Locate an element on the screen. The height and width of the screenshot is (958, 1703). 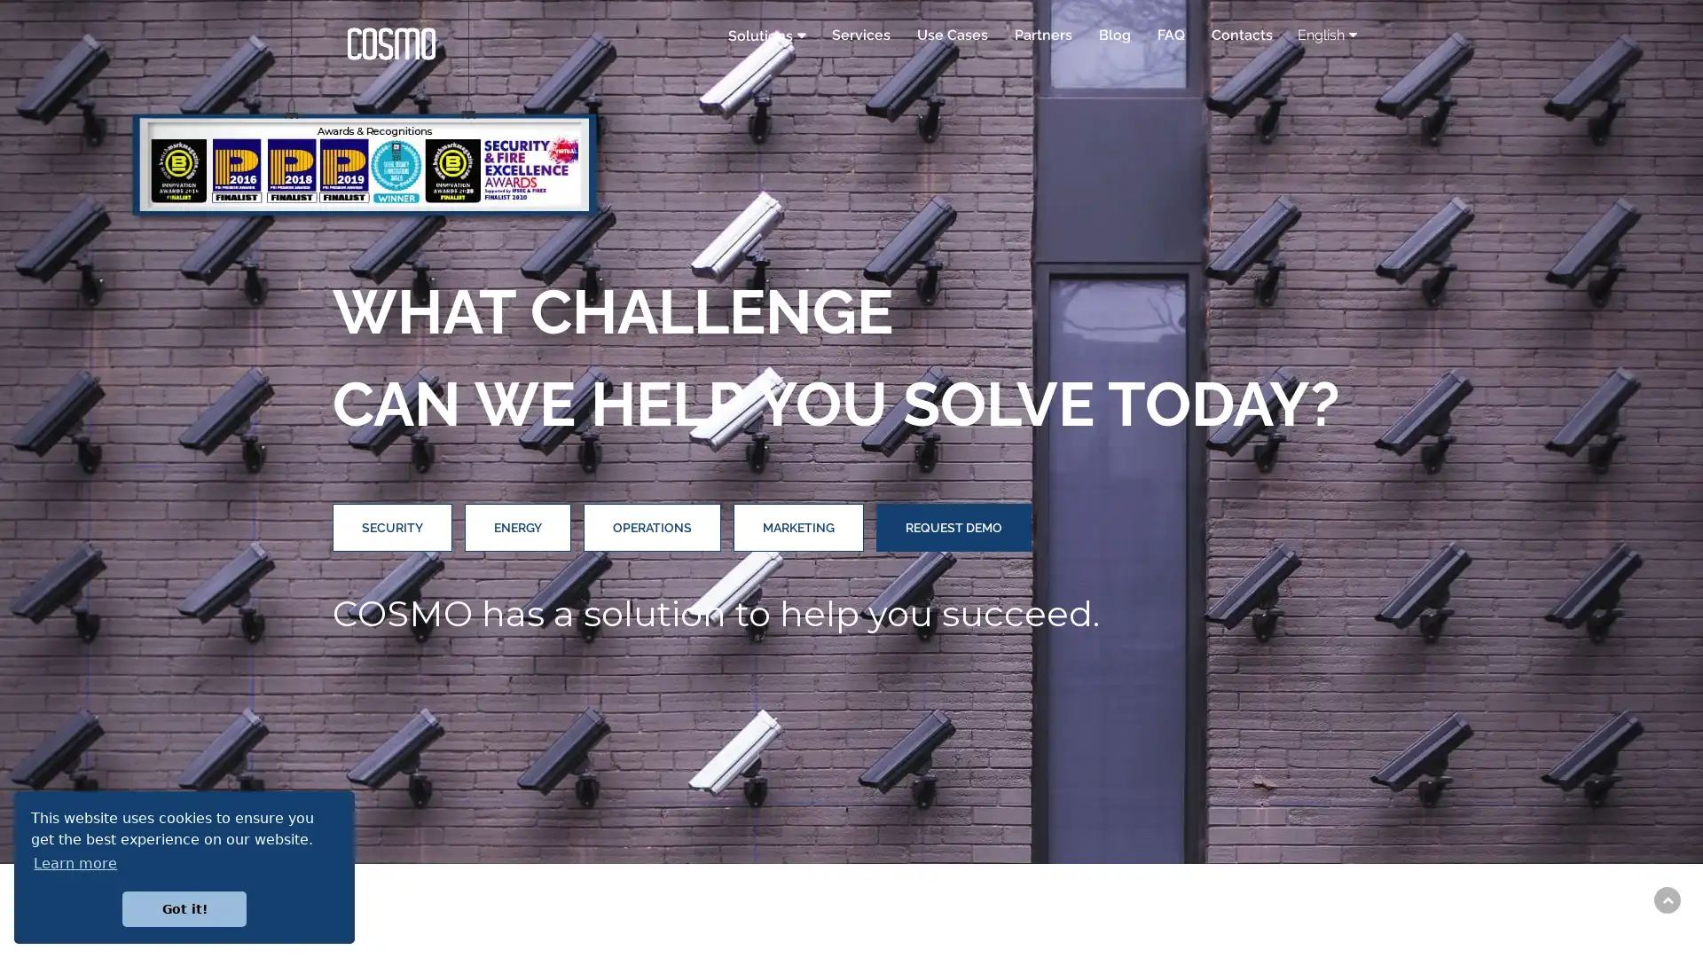
learn more about cookies is located at coordinates (75, 862).